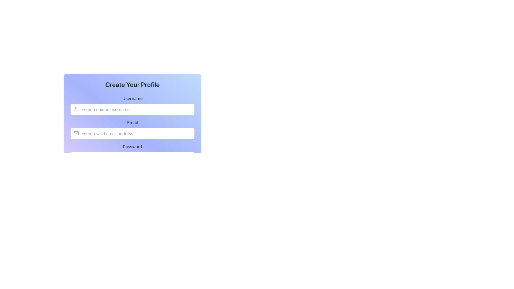 The height and width of the screenshot is (289, 514). What do you see at coordinates (76, 109) in the screenshot?
I see `the username input field icon located at the far left side of the topmost input box in the 'Create Your Profile' section, which visually indicates the input is for entering a username` at bounding box center [76, 109].